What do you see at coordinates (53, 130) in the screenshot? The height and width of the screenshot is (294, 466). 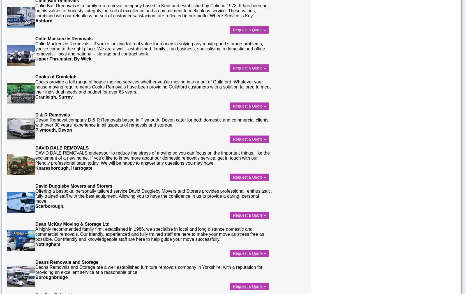 I see `'Plymouth, Devon'` at bounding box center [53, 130].